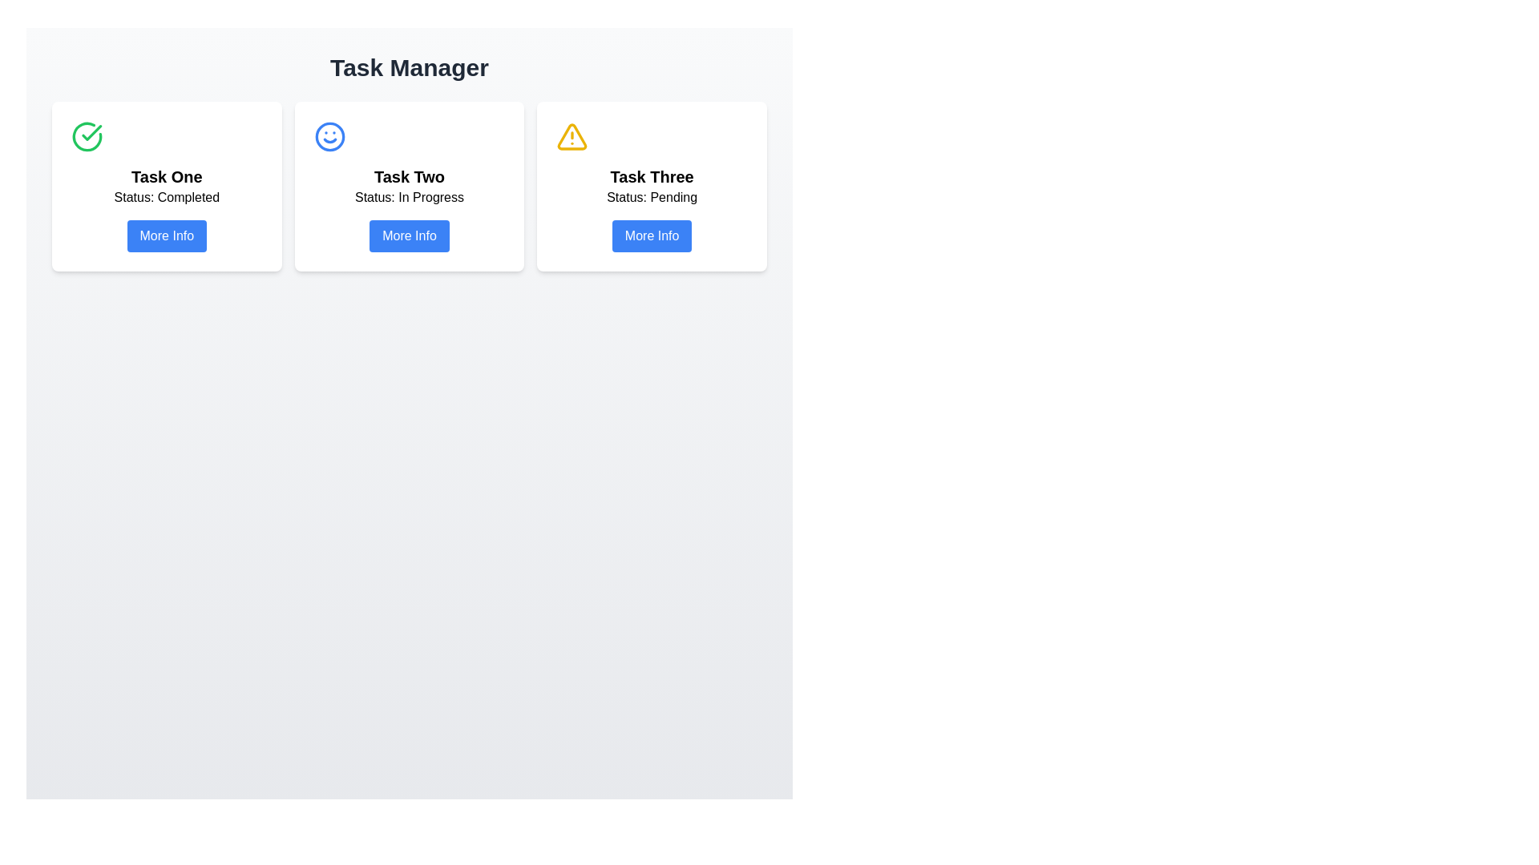 The width and height of the screenshot is (1539, 865). I want to click on the text label indicating the current status of 'Task Two', which shows 'In Progress', so click(409, 196).